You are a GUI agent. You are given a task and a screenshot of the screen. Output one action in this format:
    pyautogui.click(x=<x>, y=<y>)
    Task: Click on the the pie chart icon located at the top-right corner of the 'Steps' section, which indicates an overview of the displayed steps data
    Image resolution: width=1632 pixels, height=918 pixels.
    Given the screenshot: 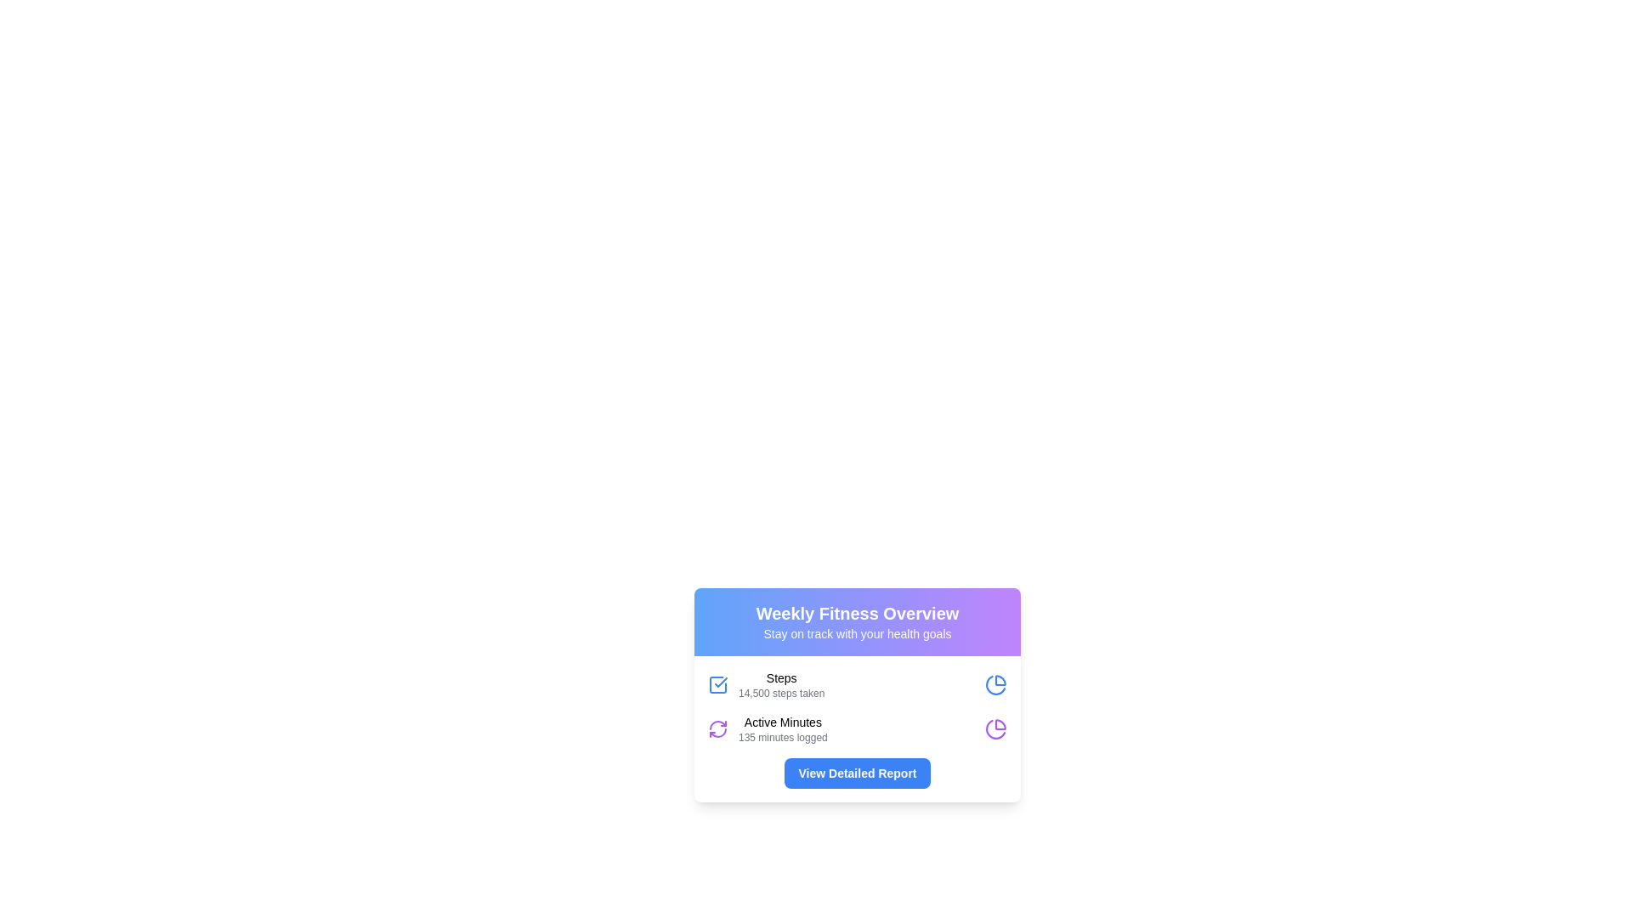 What is the action you would take?
    pyautogui.click(x=995, y=684)
    